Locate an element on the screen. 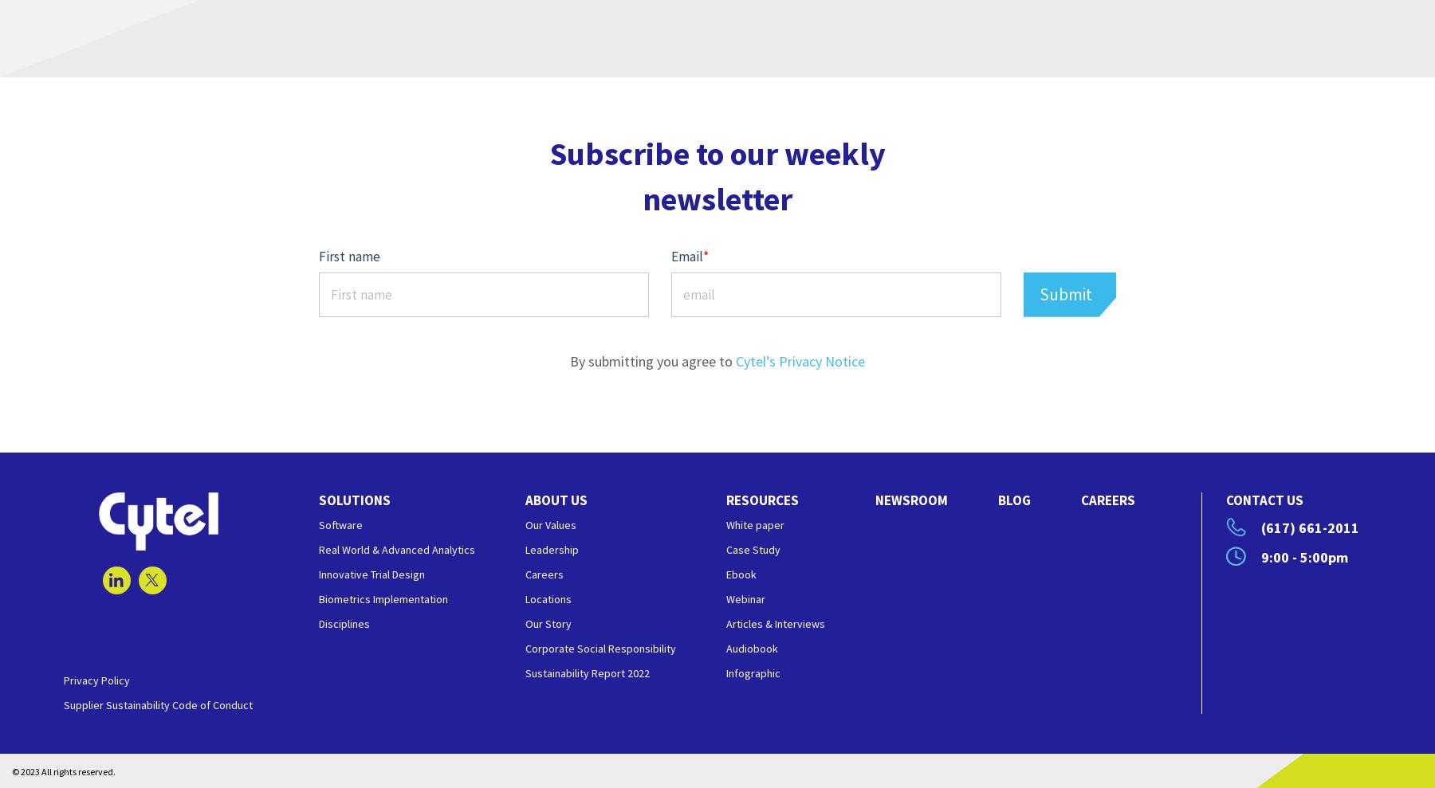 The width and height of the screenshot is (1435, 788). 'Infographic' is located at coordinates (725, 673).